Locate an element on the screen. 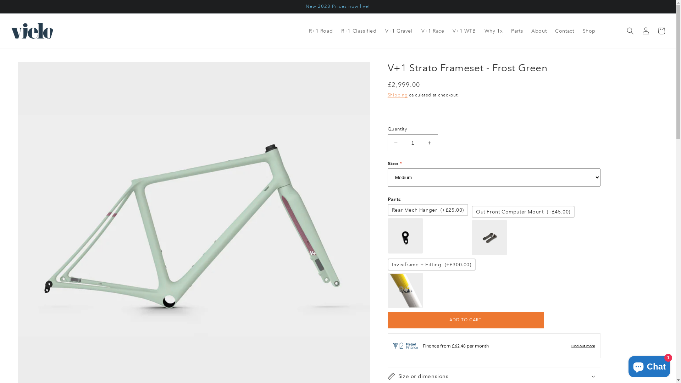  'R+1 Classified' is located at coordinates (359, 30).